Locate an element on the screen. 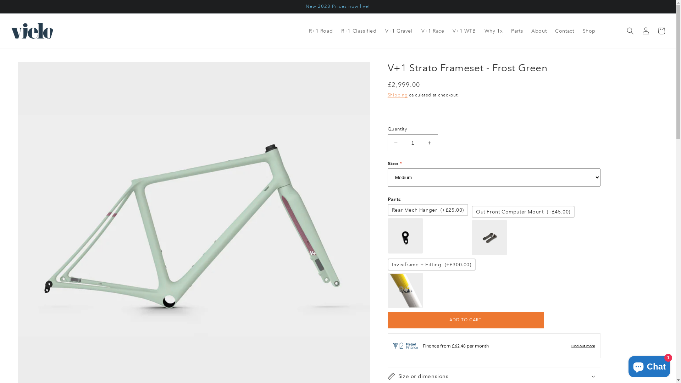  'R+1 Classified' is located at coordinates (359, 30).